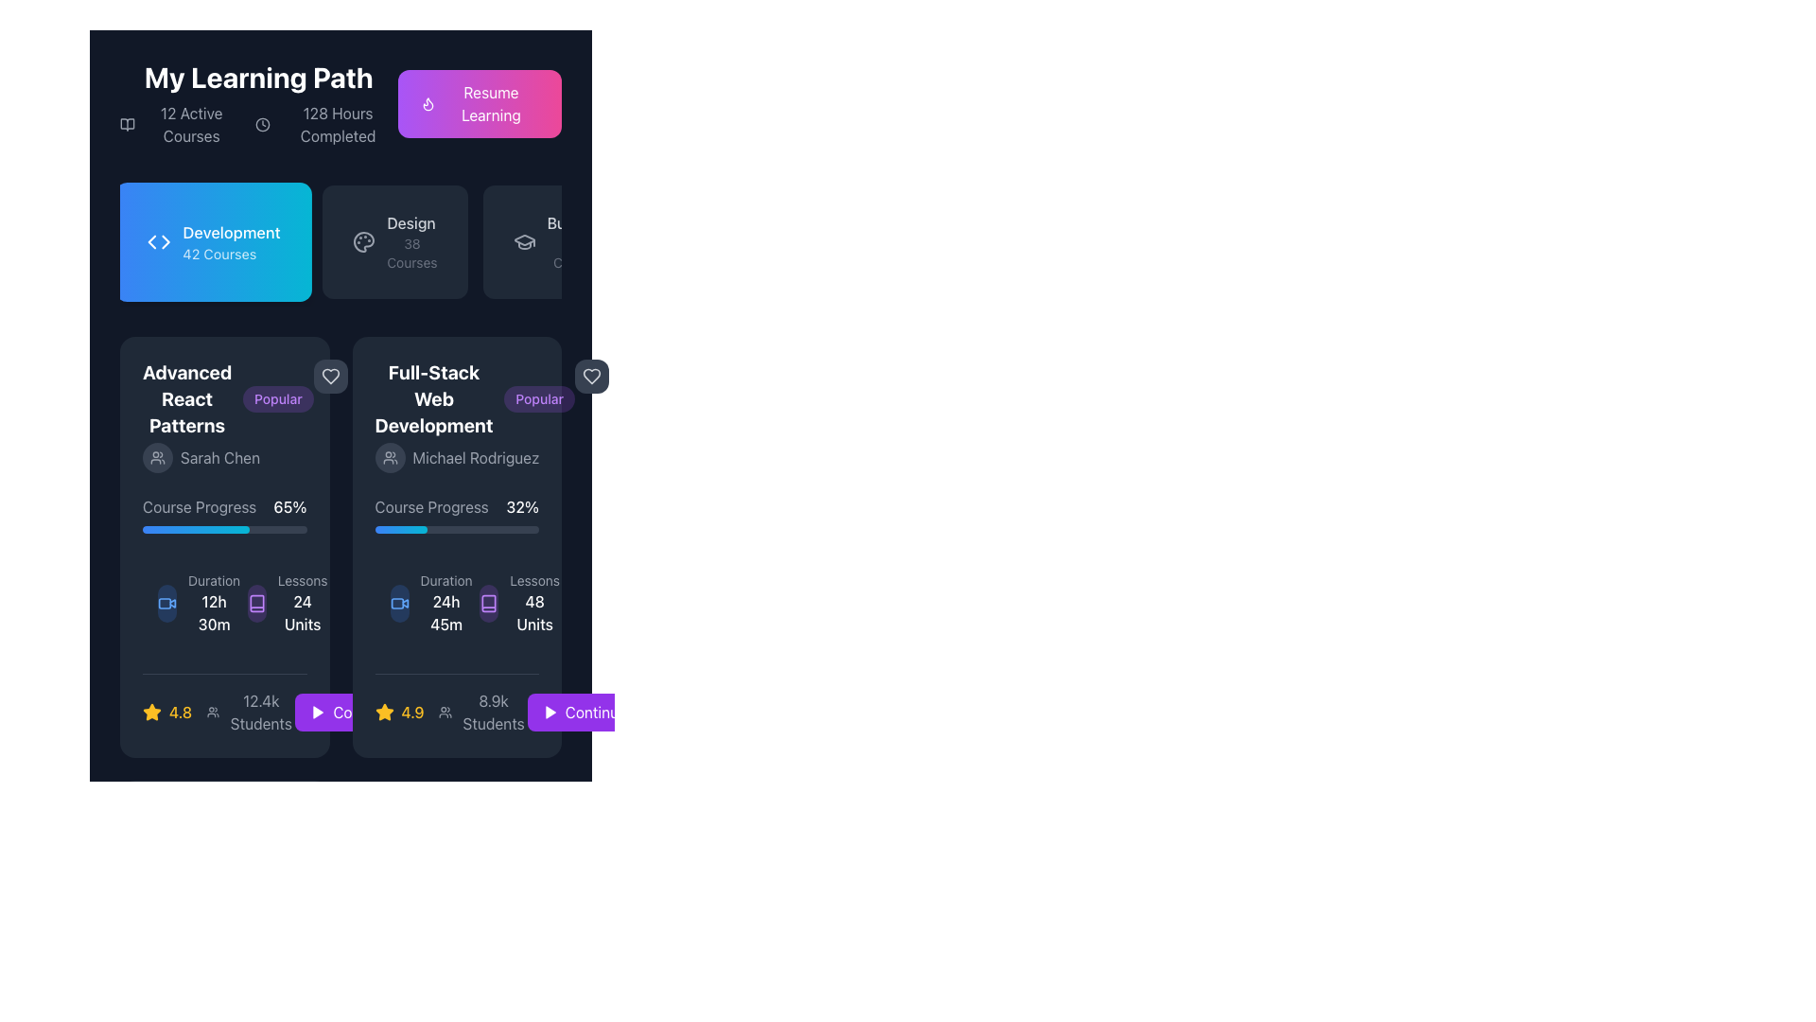 The image size is (1816, 1022). Describe the element at coordinates (457, 514) in the screenshot. I see `the Progress Indicator displaying 'Course Progress' with 32% completion, located in the 'Full-Stack Web Development' section` at that location.